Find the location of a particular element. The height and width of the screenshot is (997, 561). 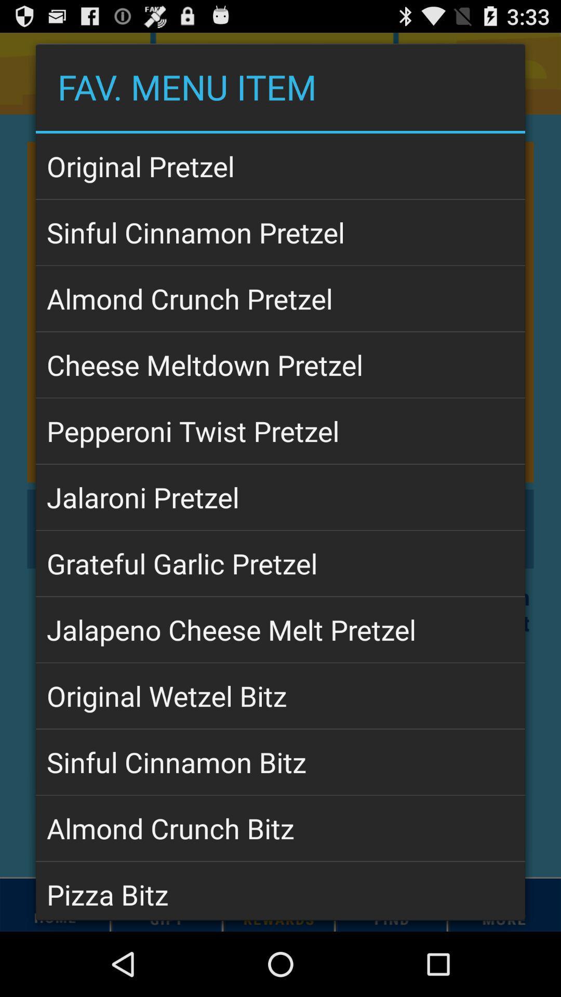

item above jalaroni pretzel app is located at coordinates (280, 431).